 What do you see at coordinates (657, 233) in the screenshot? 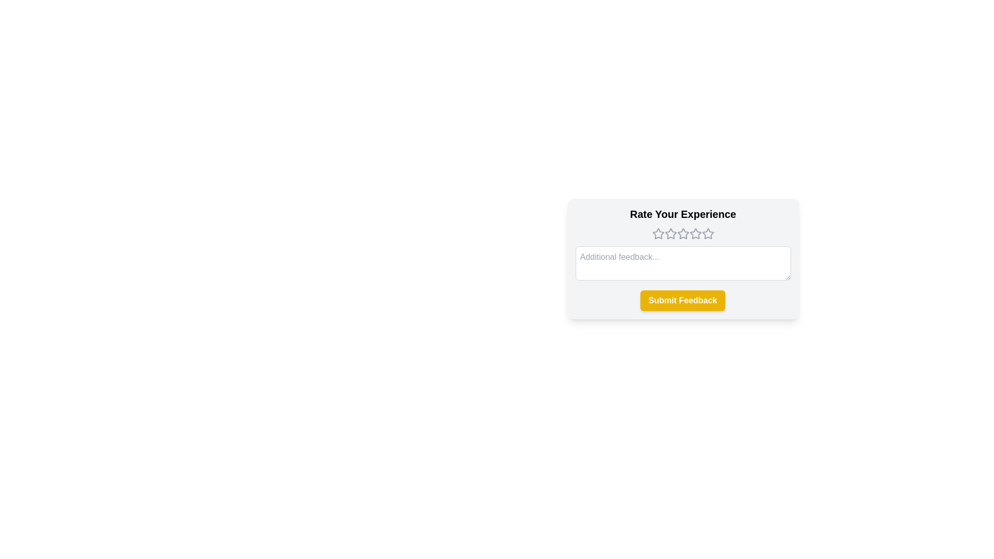
I see `the first star icon in the rating system` at bounding box center [657, 233].